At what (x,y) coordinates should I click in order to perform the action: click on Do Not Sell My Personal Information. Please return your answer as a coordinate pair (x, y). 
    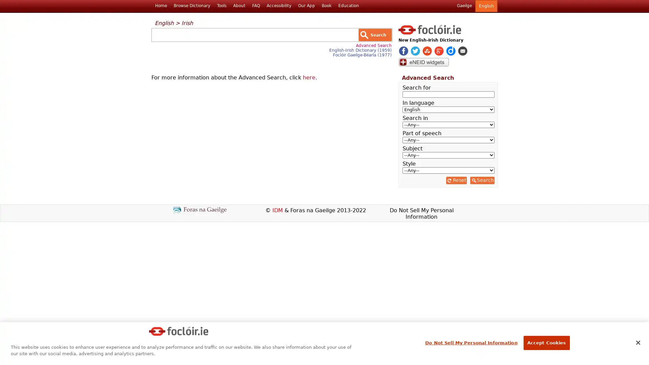
    Looking at the image, I should click on (471, 343).